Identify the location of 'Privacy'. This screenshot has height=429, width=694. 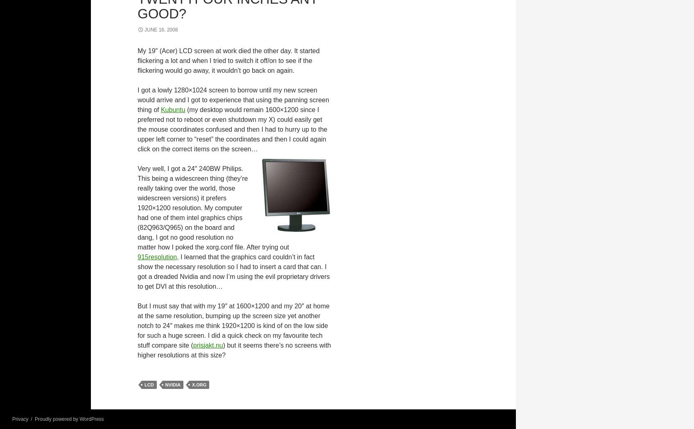
(20, 419).